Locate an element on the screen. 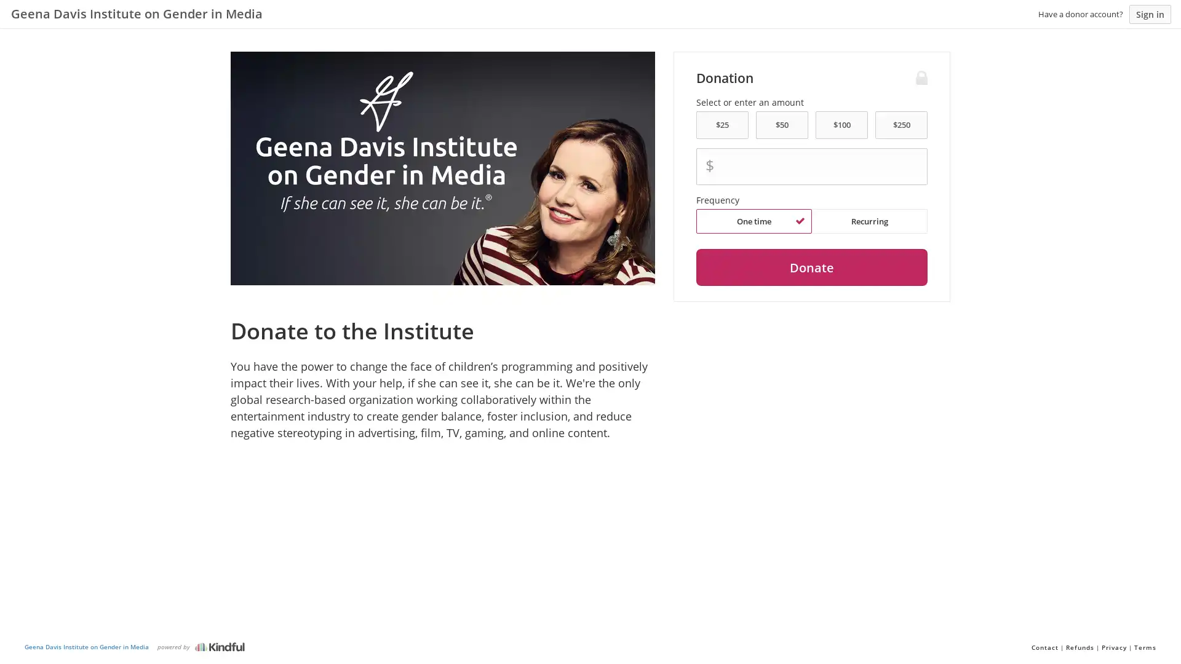  $50 is located at coordinates (781, 125).